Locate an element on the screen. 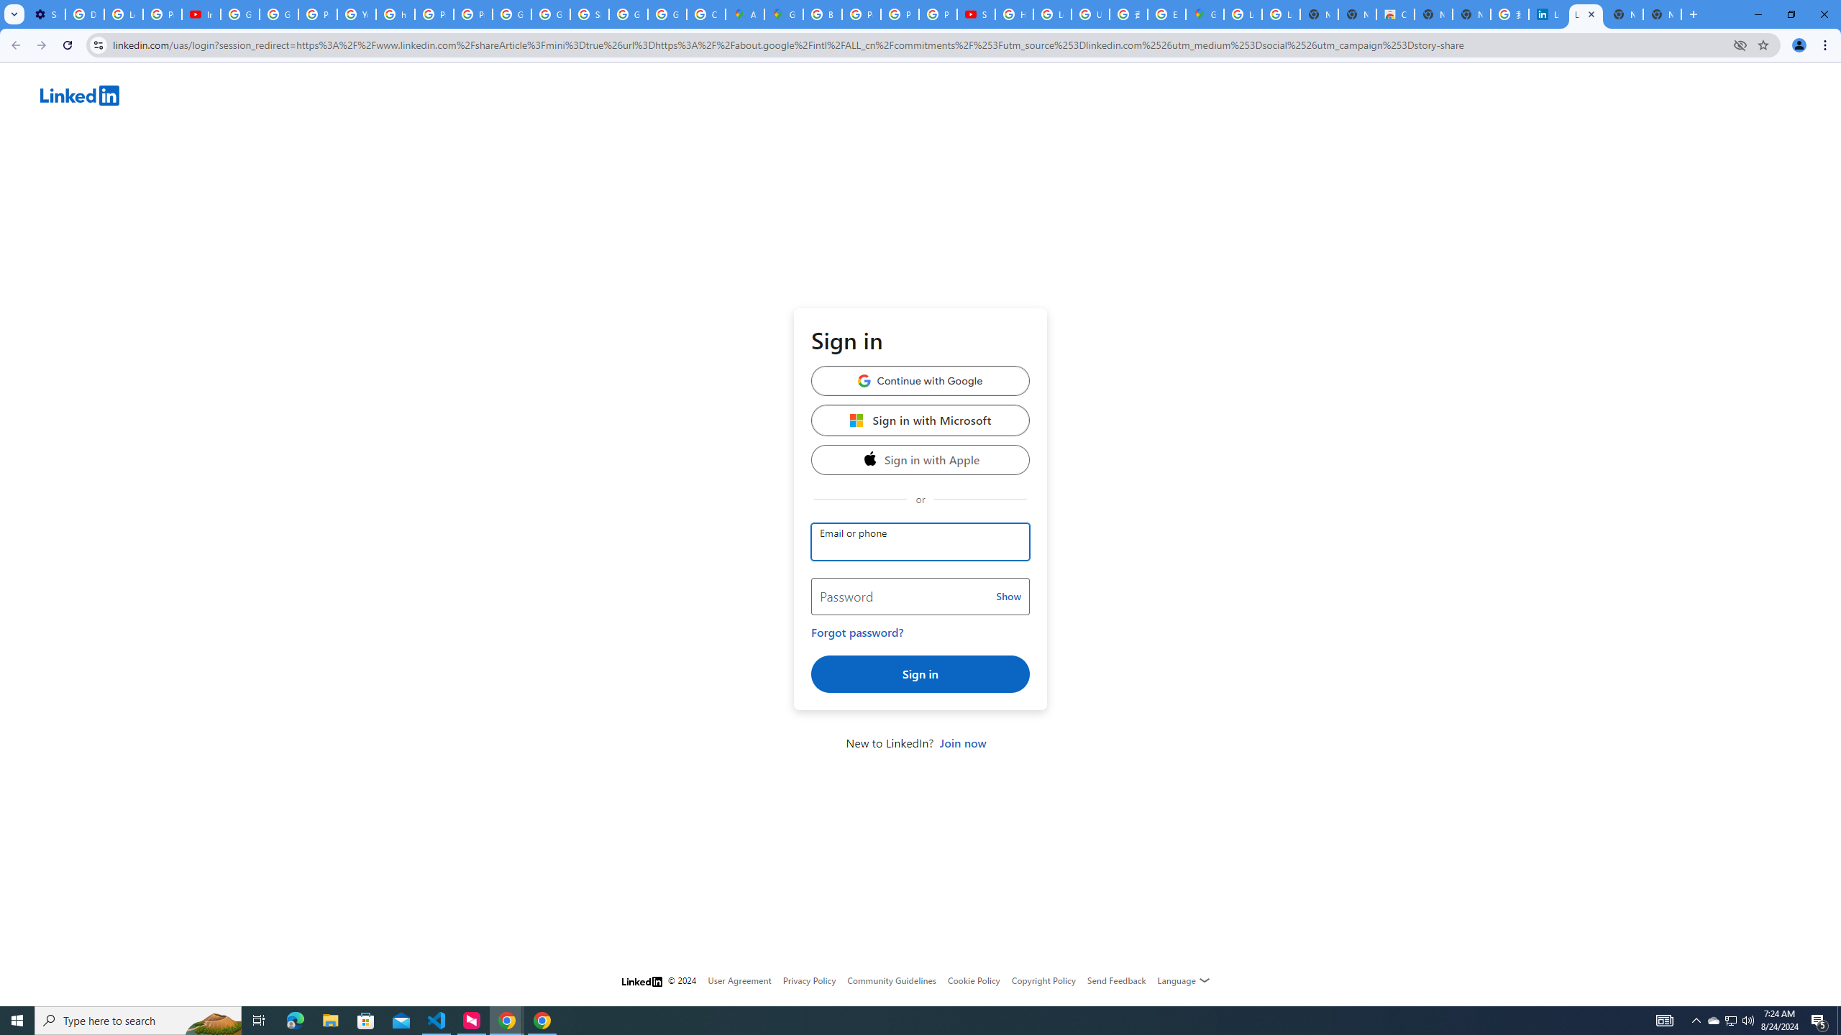 Image resolution: width=1841 pixels, height=1035 pixels. 'Community Guidelines' is located at coordinates (891, 980).